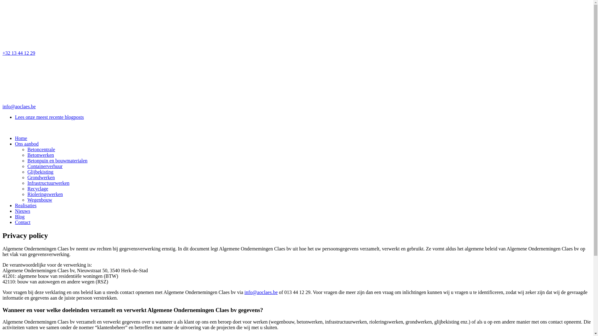 The height and width of the screenshot is (336, 598). What do you see at coordinates (40, 177) in the screenshot?
I see `'Grondwerken'` at bounding box center [40, 177].